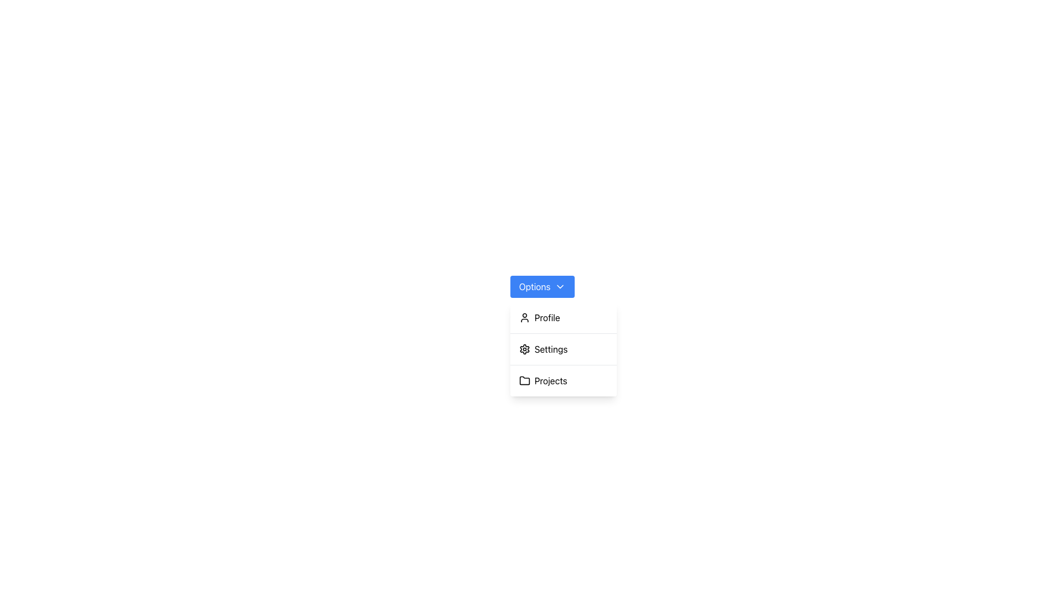  What do you see at coordinates (524, 349) in the screenshot?
I see `the gear icon representing settings functionality, located in the 'Settings' menu` at bounding box center [524, 349].